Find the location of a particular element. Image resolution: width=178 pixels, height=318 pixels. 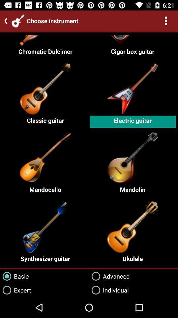

the second right image is located at coordinates (132, 157).